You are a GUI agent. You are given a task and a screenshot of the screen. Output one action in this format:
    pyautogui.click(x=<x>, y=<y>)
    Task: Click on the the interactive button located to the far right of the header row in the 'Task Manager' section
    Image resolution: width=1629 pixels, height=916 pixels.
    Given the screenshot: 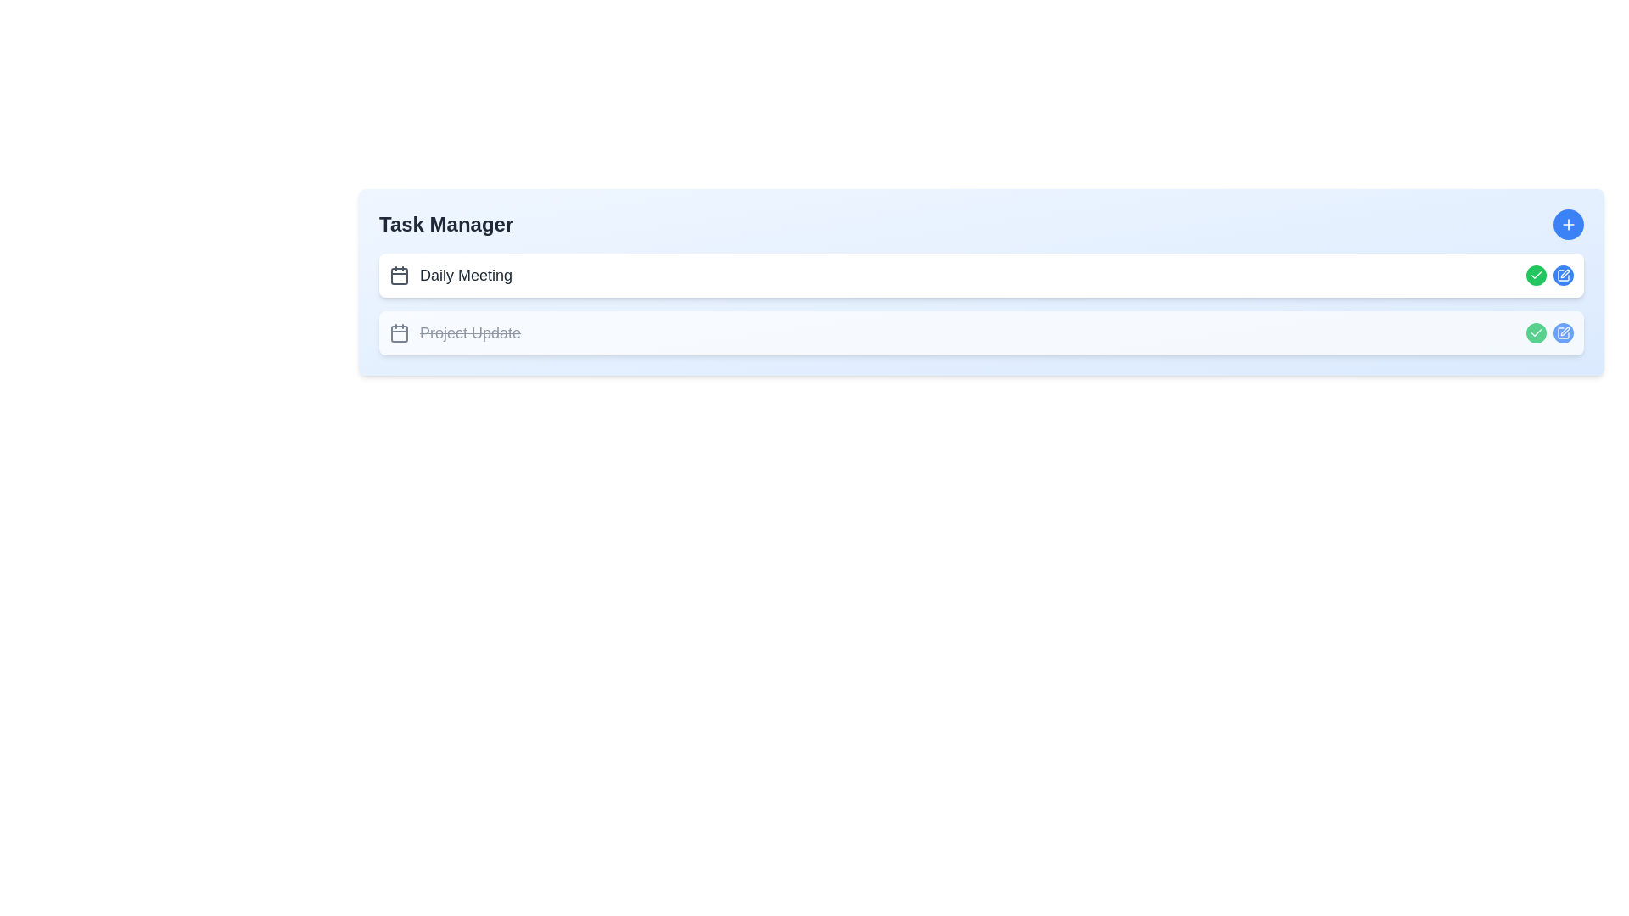 What is the action you would take?
    pyautogui.click(x=1567, y=224)
    